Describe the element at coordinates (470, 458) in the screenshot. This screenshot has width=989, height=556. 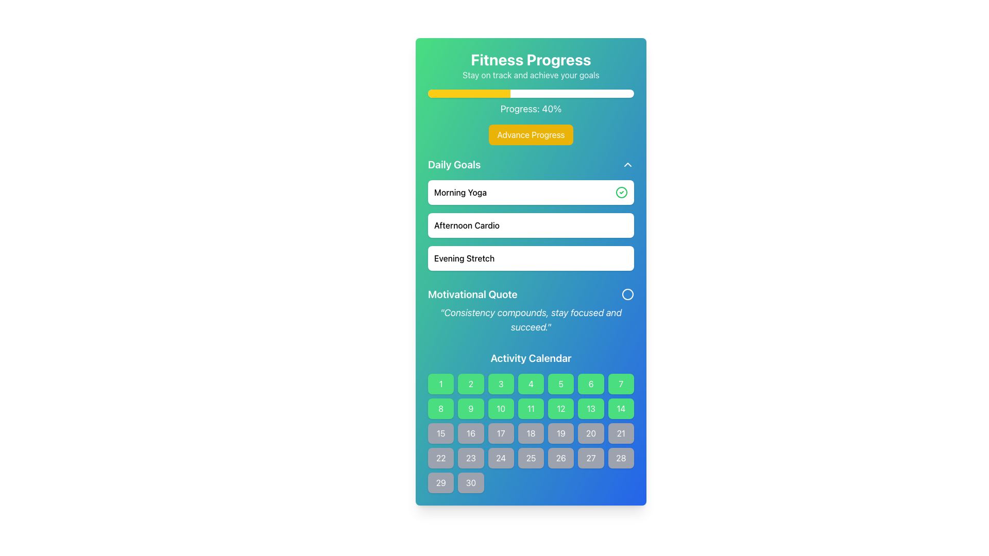
I see `the button-like calendar item representing the 23rd date in the Activity Calendar` at that location.